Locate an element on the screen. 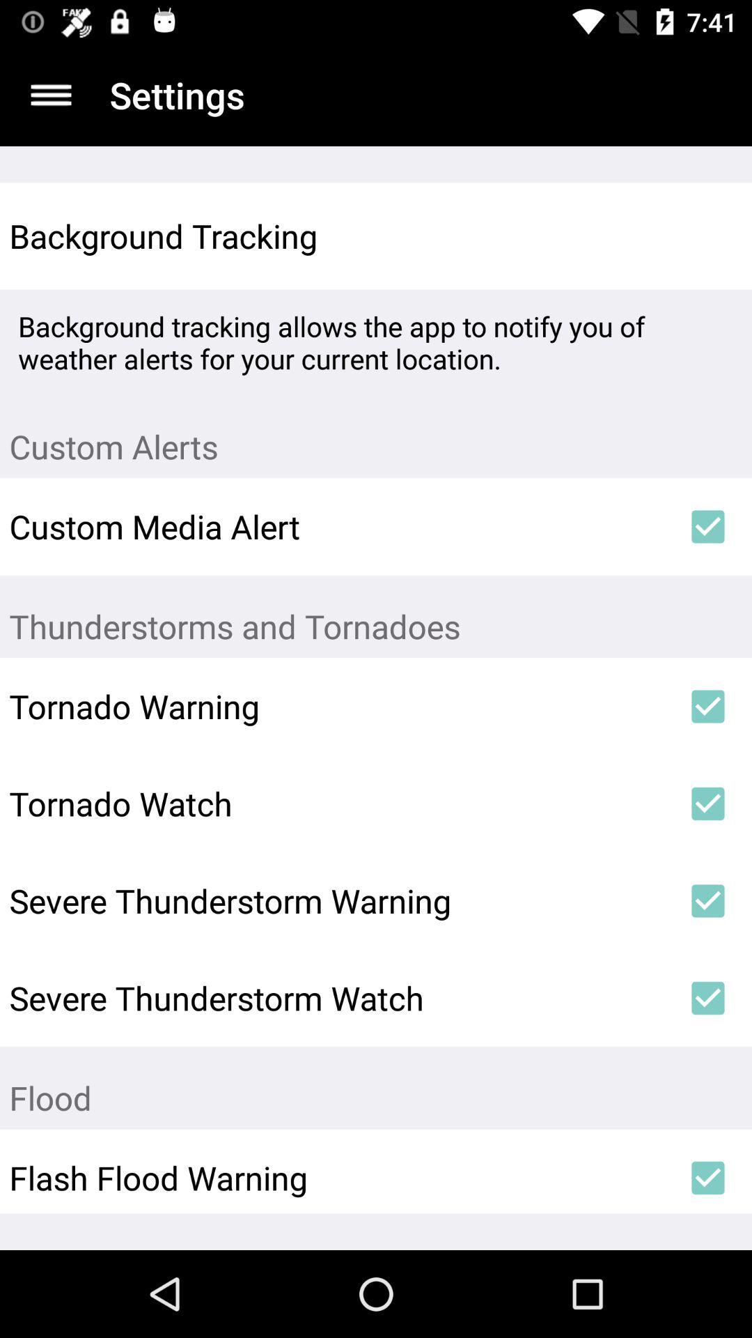 This screenshot has width=752, height=1338. the item above the background tracking is located at coordinates (50, 94).